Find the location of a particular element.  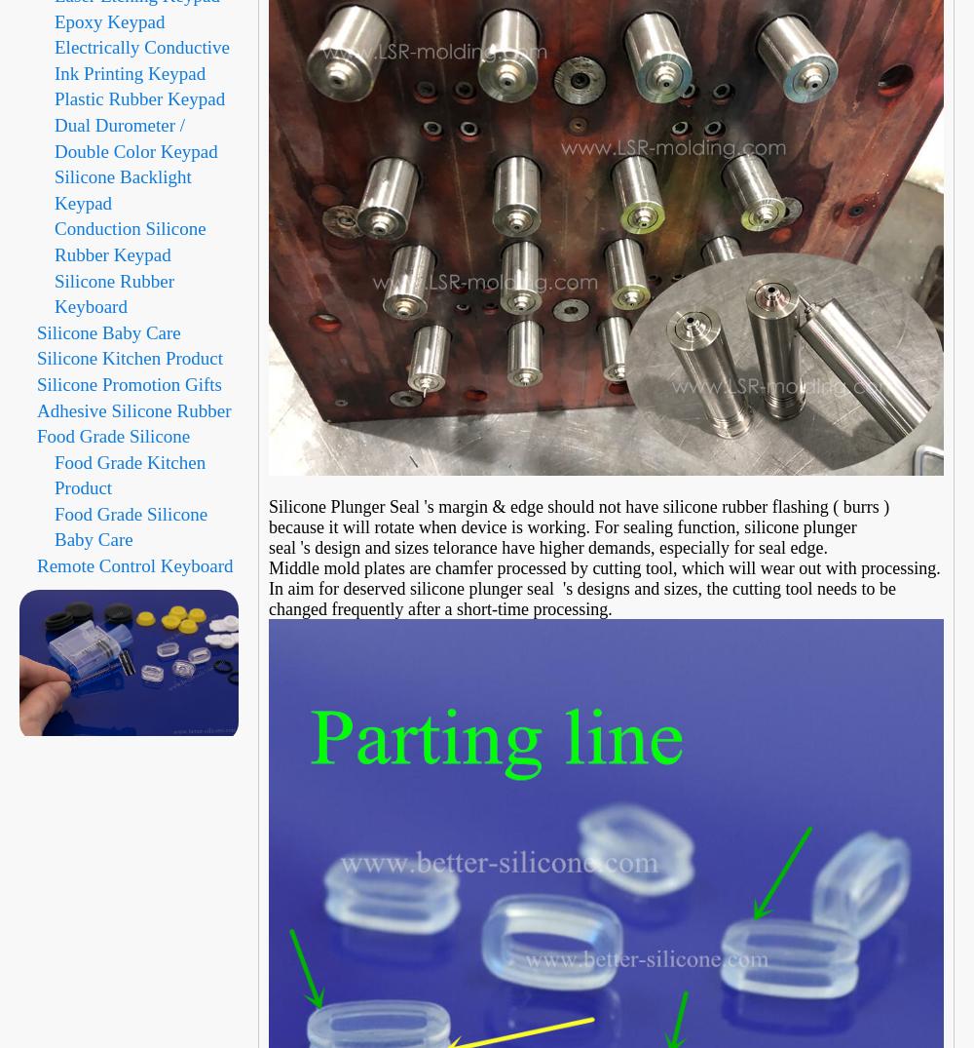

'Adhesive Silicone Rubber' is located at coordinates (133, 408).